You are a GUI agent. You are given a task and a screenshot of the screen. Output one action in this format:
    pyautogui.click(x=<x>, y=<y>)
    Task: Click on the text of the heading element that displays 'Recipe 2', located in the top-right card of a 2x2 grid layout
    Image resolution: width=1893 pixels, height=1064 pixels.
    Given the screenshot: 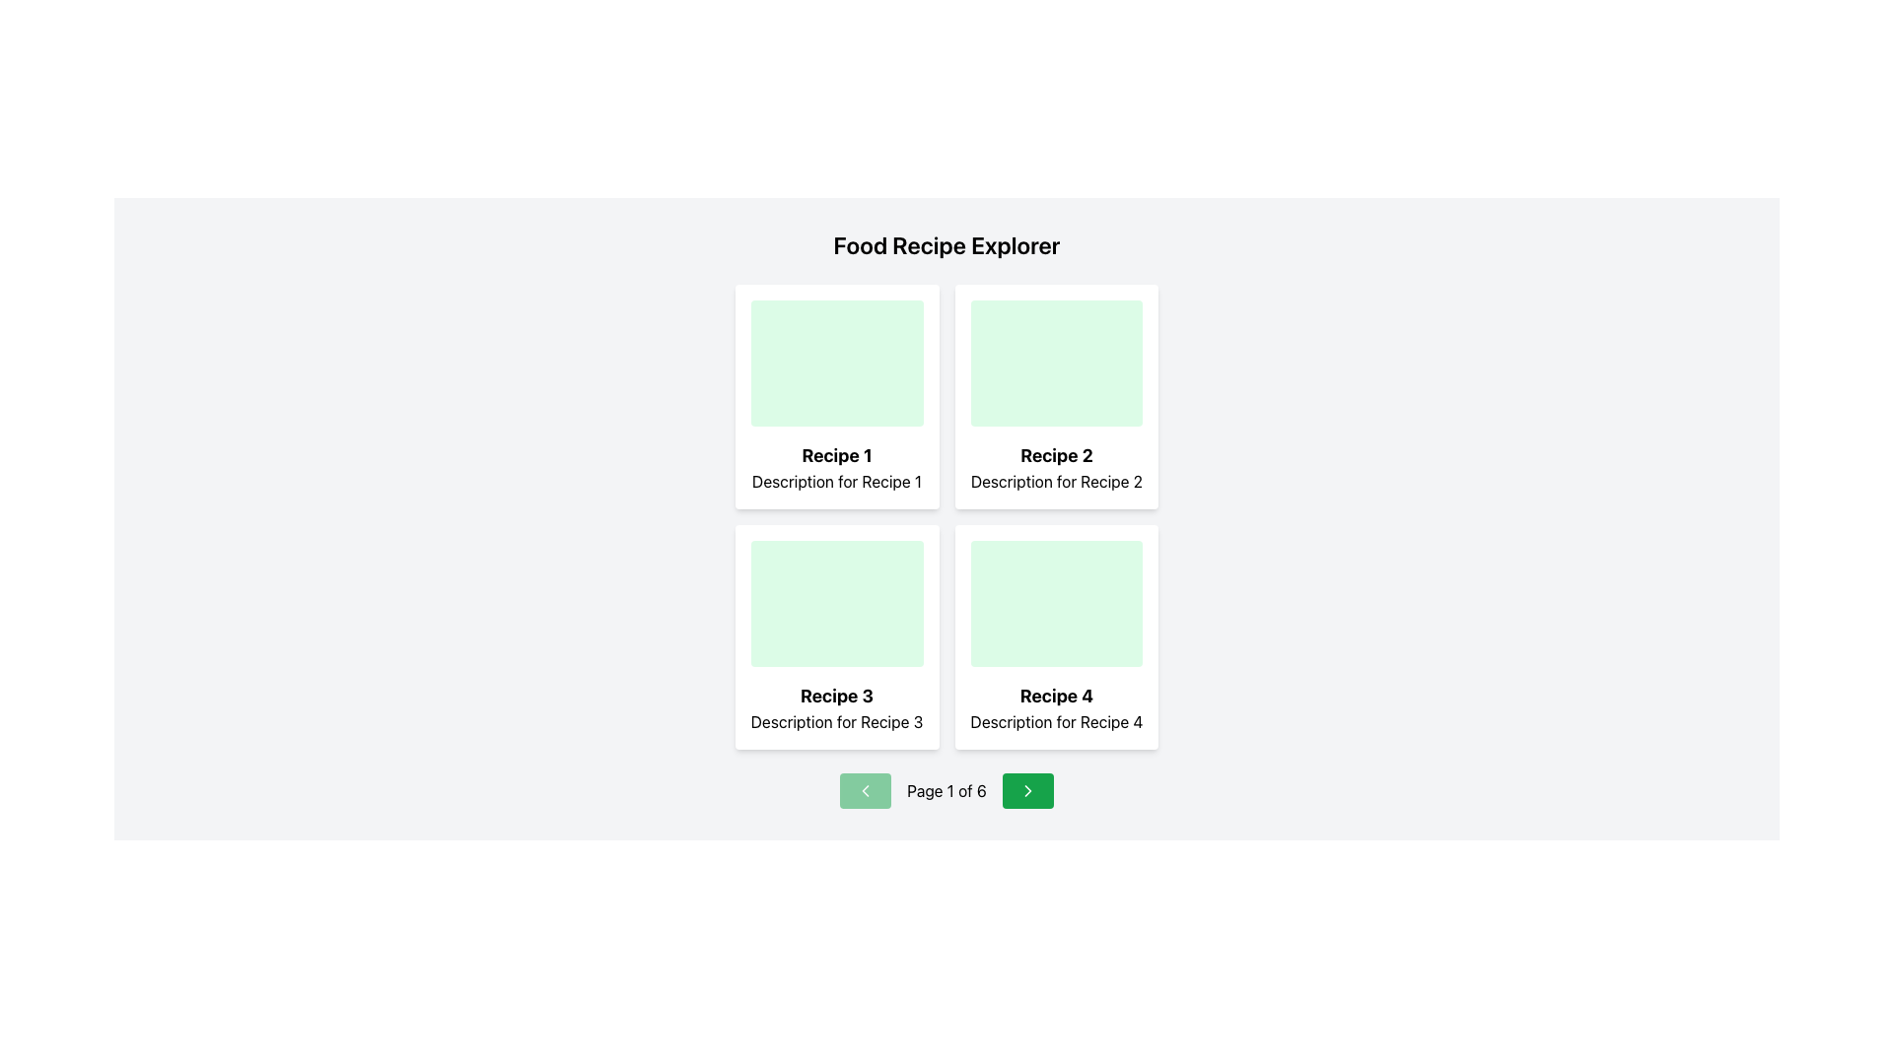 What is the action you would take?
    pyautogui.click(x=1055, y=455)
    